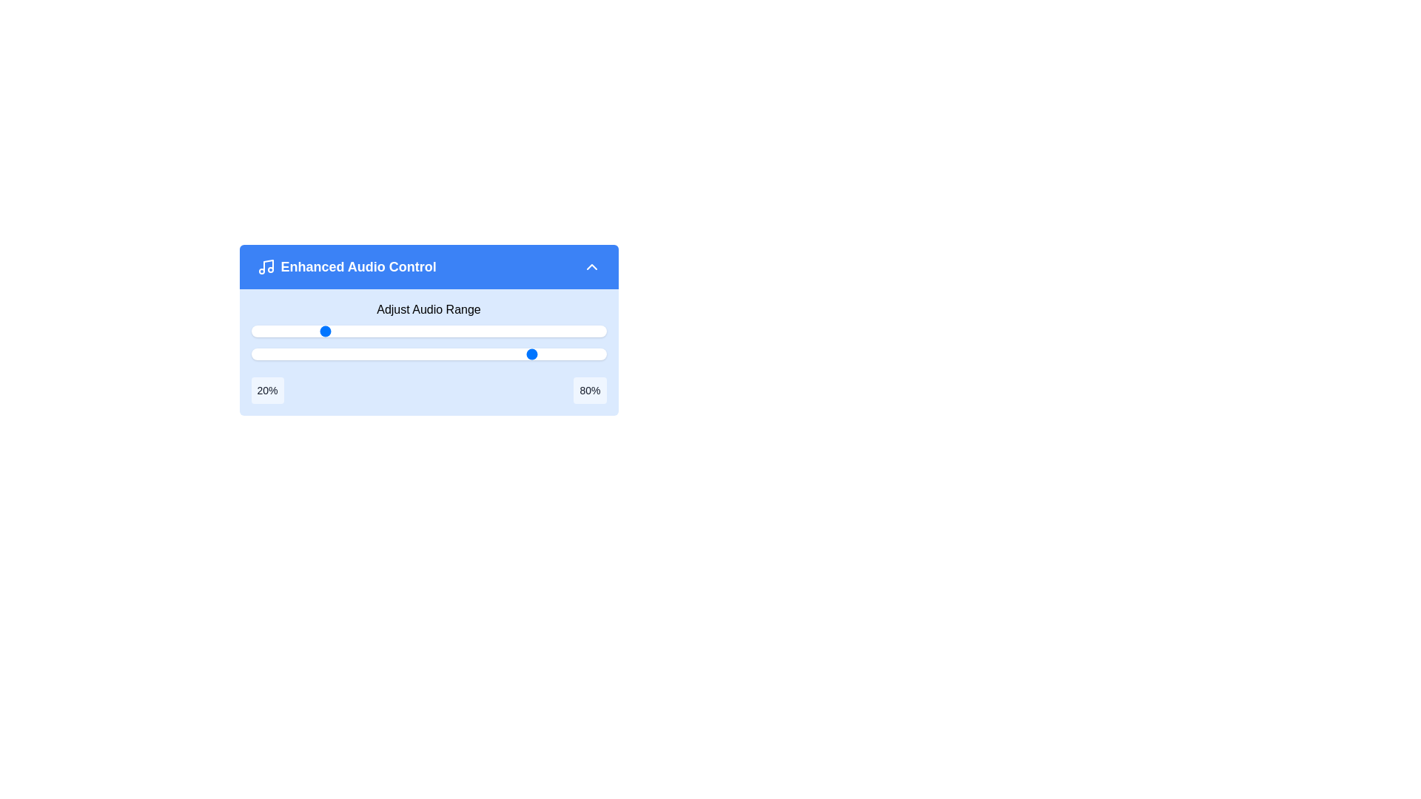 The height and width of the screenshot is (799, 1421). What do you see at coordinates (286, 354) in the screenshot?
I see `the slider` at bounding box center [286, 354].